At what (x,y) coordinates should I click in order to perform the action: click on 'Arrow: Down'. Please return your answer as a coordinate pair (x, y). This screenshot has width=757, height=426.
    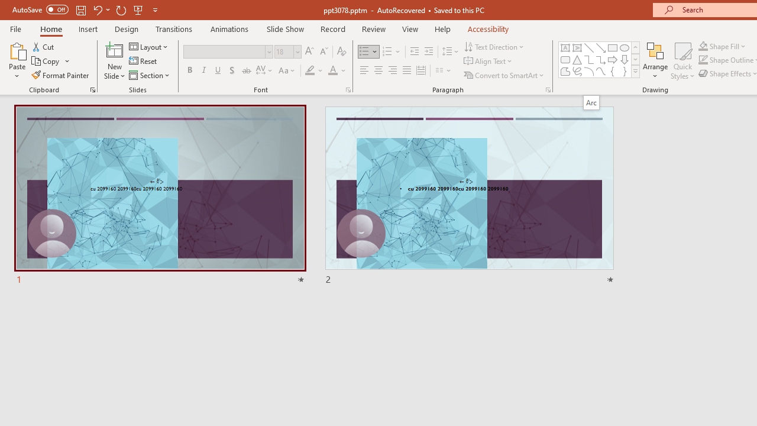
    Looking at the image, I should click on (624, 59).